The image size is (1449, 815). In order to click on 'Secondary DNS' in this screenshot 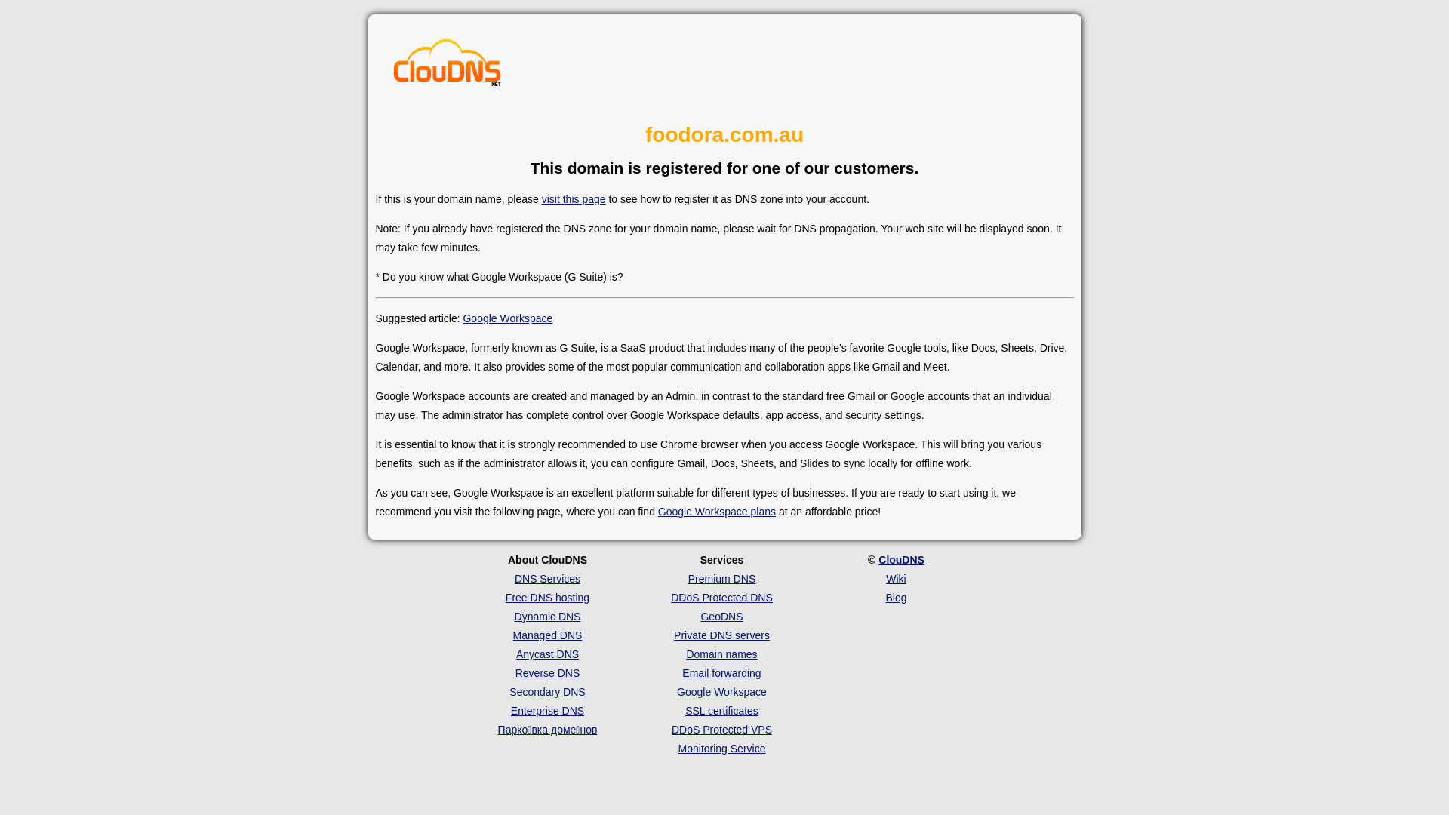, I will do `click(509, 692)`.